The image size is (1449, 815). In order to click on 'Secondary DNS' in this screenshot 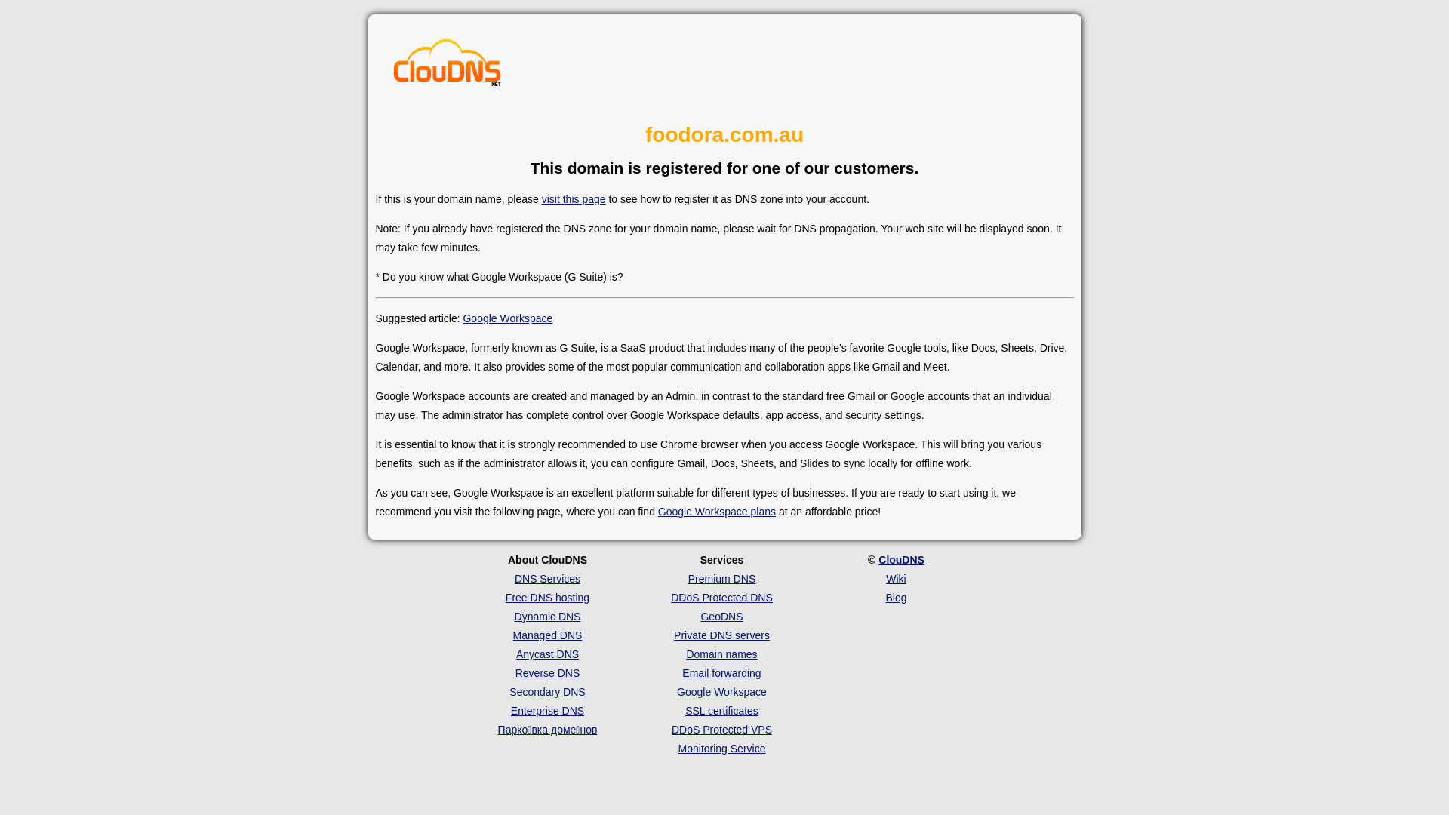, I will do `click(509, 692)`.